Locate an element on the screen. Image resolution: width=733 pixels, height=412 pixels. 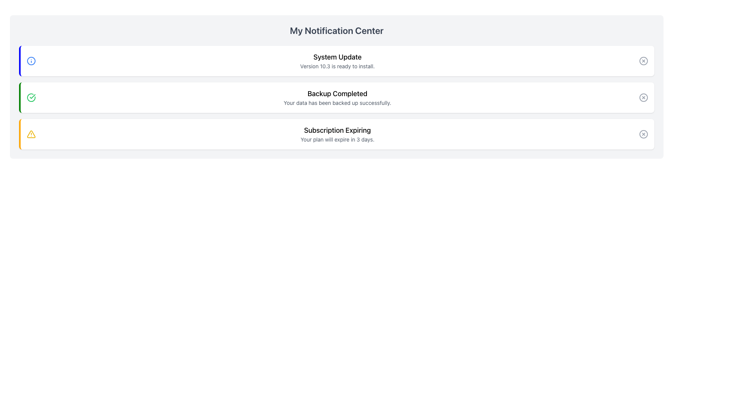
the prominently displayed title labeled 'My Notification Center', styled in large, bold, and dark-gray text, located at the top of the notification panel is located at coordinates (336, 30).